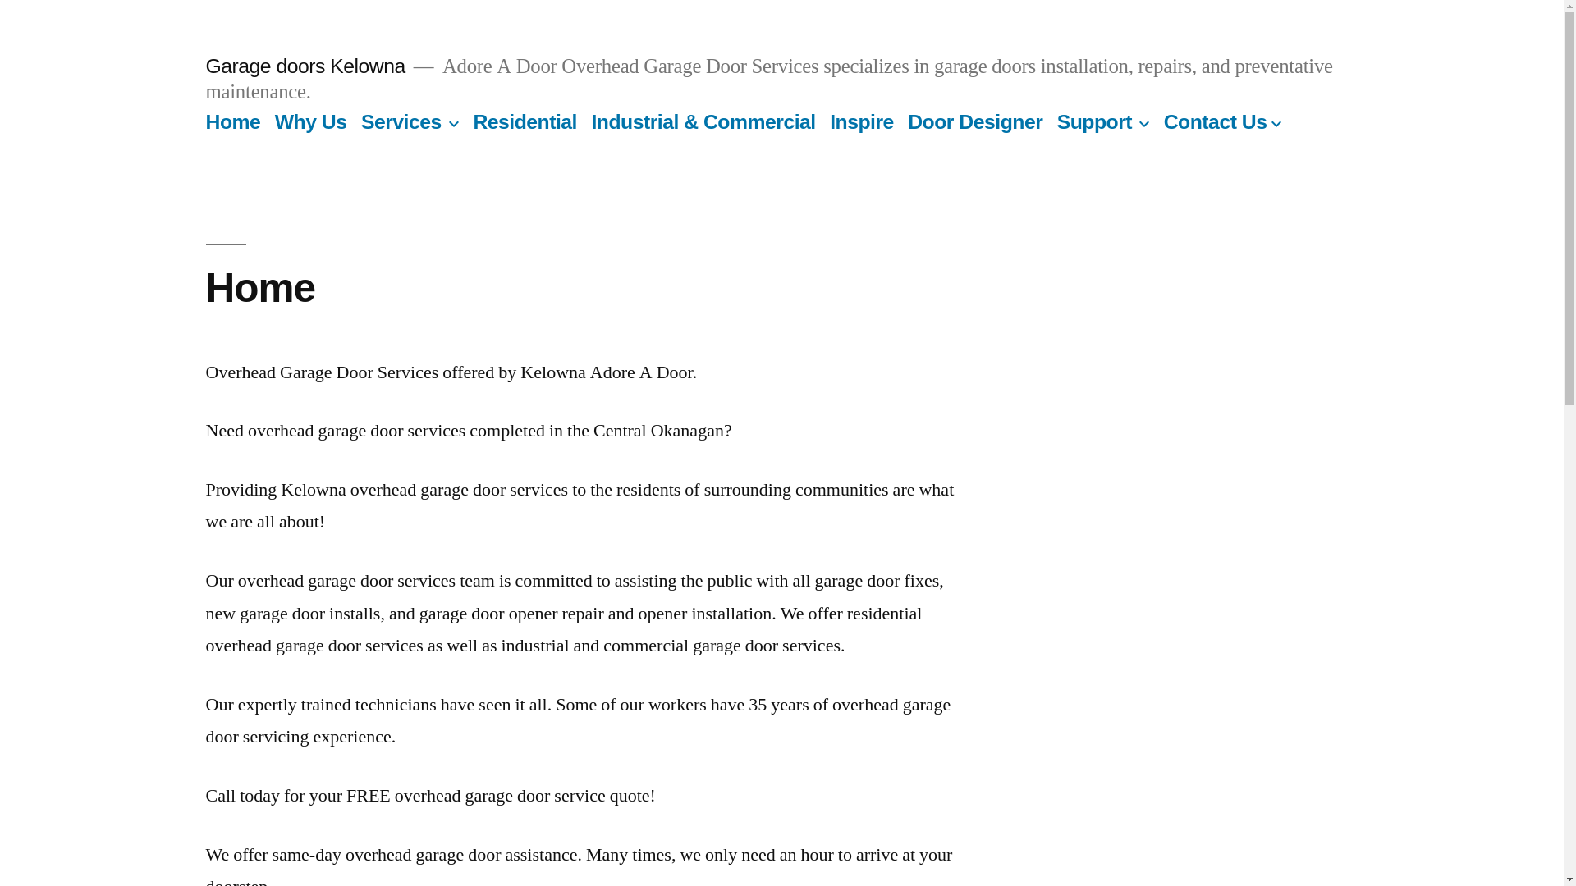  Describe the element at coordinates (524, 121) in the screenshot. I see `'Residential'` at that location.